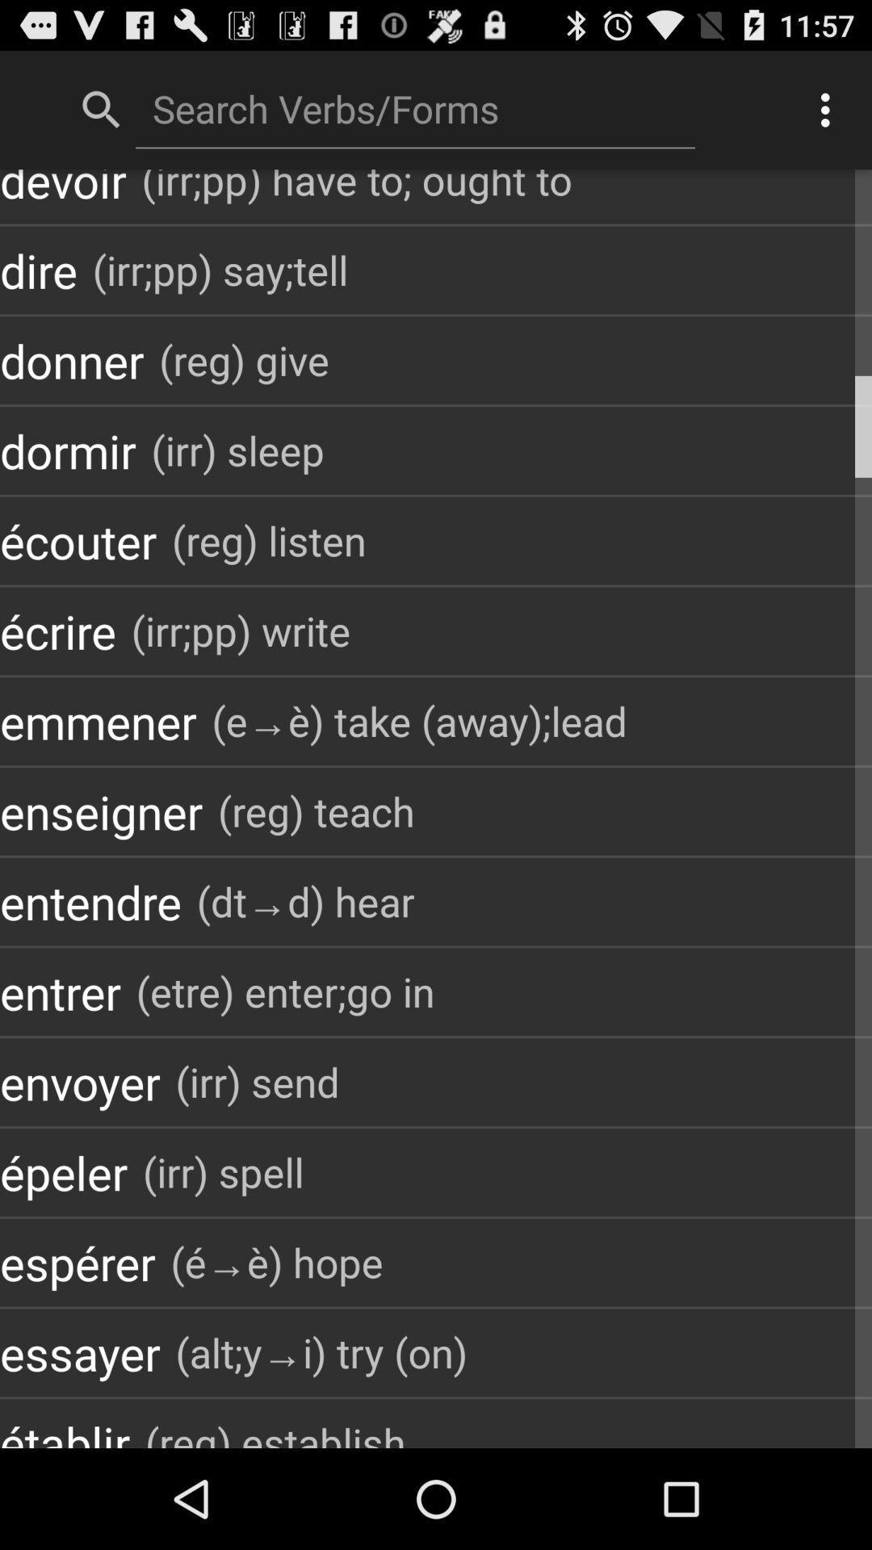 The height and width of the screenshot is (1550, 872). I want to click on item below the entendre icon, so click(284, 991).